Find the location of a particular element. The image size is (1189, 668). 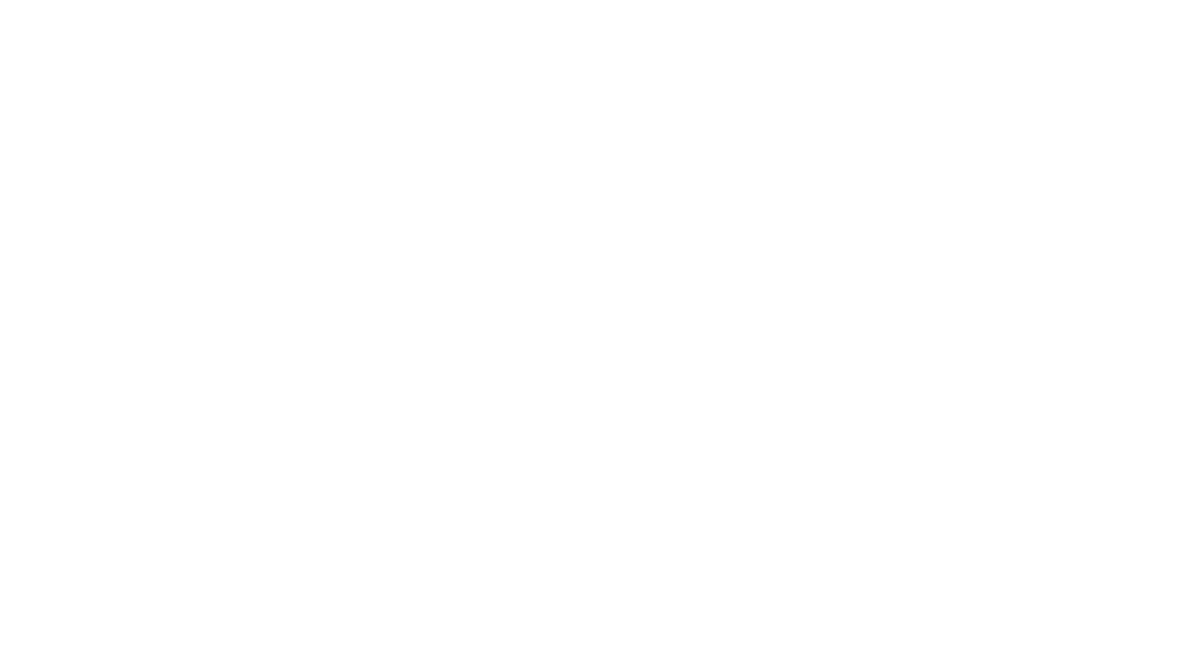

'Categories' is located at coordinates (33, 81).